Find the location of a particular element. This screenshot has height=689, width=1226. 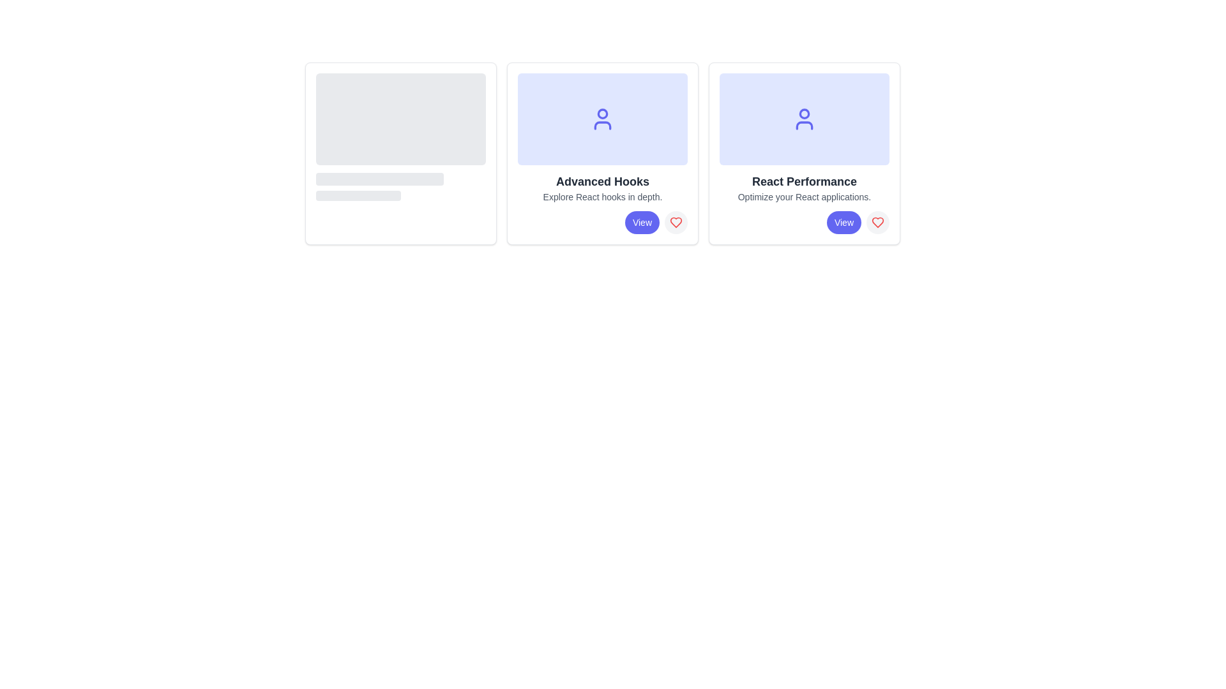

the 'React Performance' text label displayed in bold, dark-gray font, which is located in the third card from the left, positioned below the graphical representation is located at coordinates (803, 182).